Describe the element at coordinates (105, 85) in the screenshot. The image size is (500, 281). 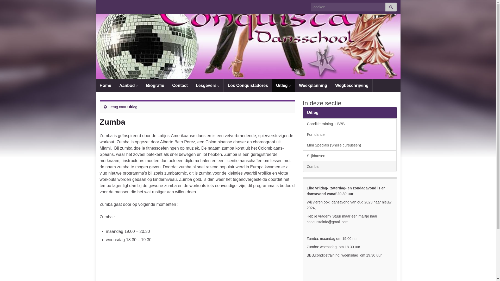
I see `'Home'` at that location.